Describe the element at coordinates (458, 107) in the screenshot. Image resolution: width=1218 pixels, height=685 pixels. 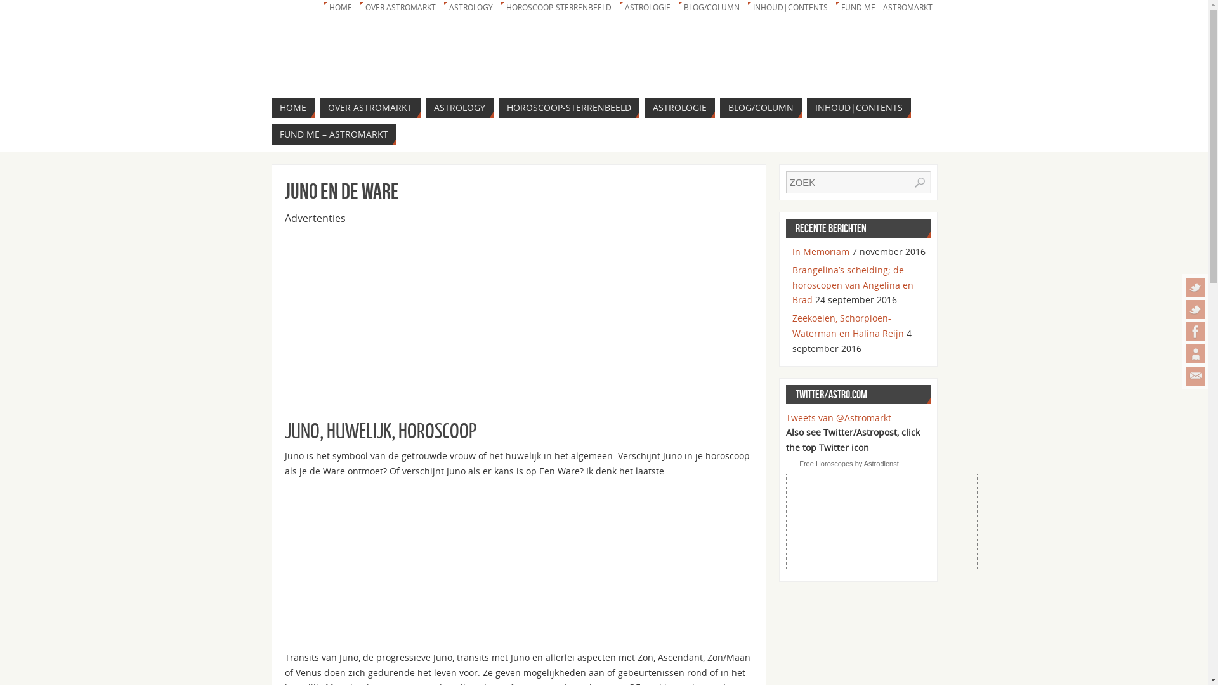
I see `'ASTROLOGY'` at that location.